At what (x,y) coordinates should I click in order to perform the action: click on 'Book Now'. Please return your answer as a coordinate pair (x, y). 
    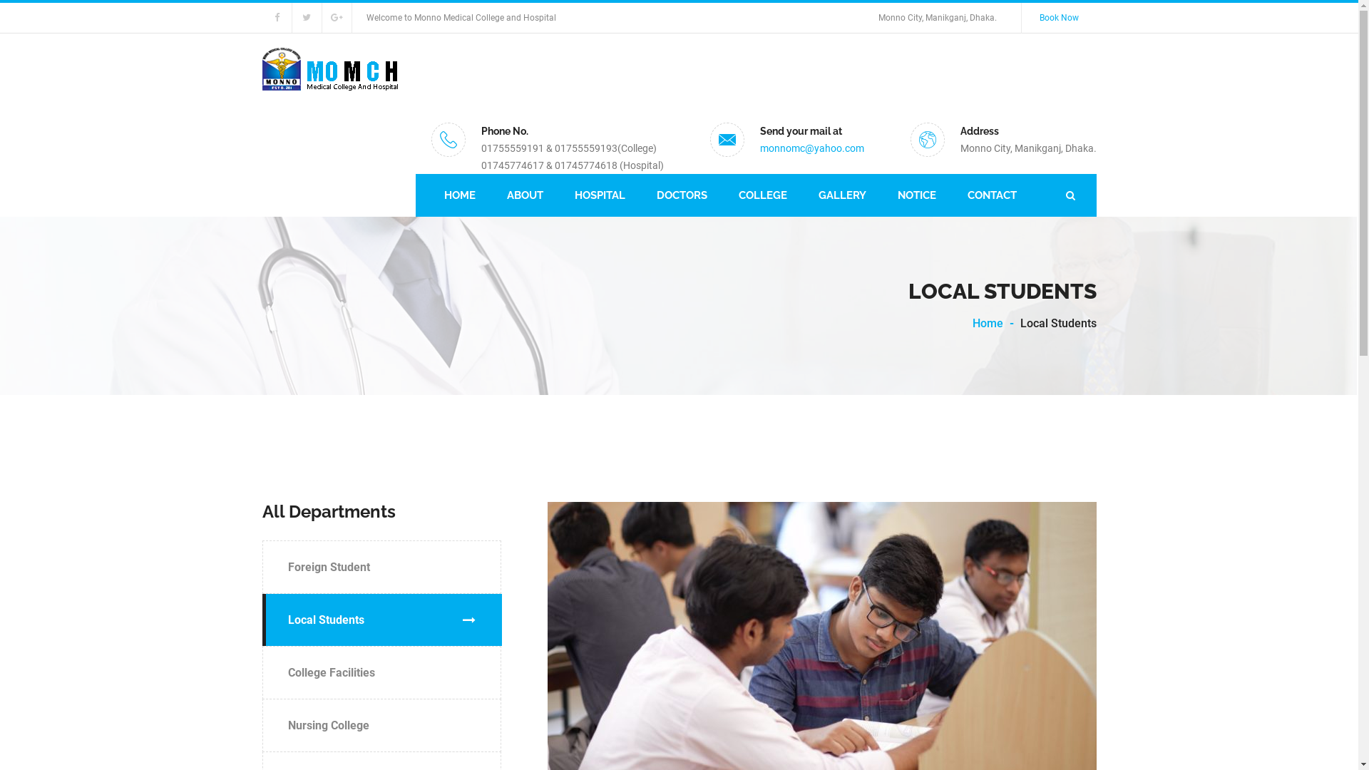
    Looking at the image, I should click on (1058, 18).